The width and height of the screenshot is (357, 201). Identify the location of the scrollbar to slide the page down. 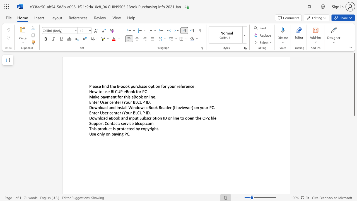
(354, 145).